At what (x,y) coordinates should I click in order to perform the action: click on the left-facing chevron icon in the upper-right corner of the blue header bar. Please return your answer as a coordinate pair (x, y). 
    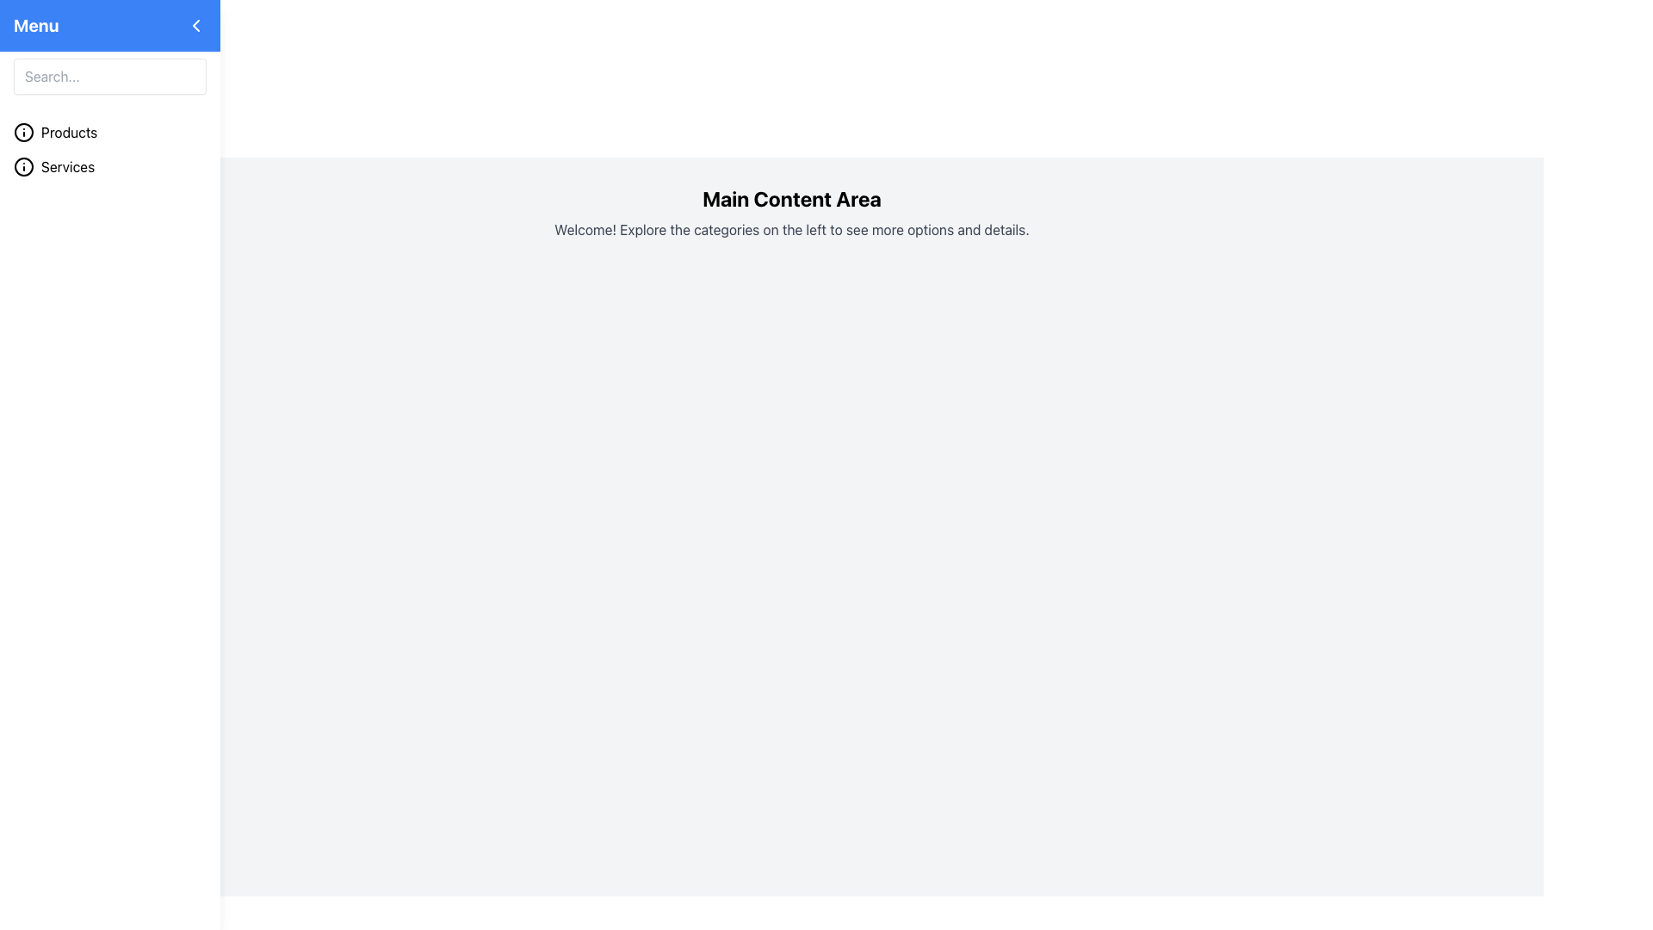
    Looking at the image, I should click on (195, 26).